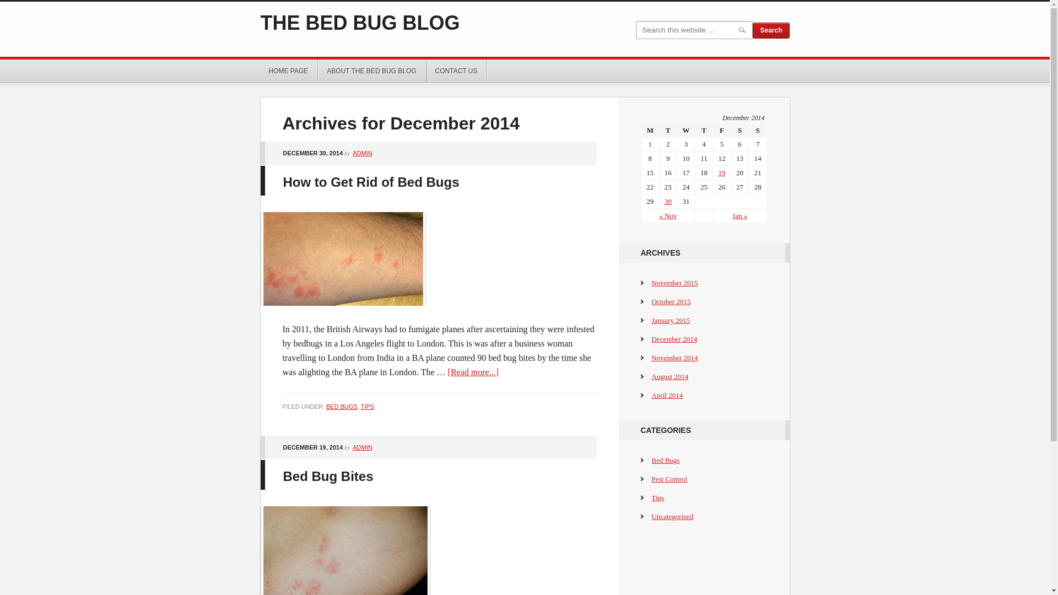  I want to click on 'October 2015', so click(670, 301).